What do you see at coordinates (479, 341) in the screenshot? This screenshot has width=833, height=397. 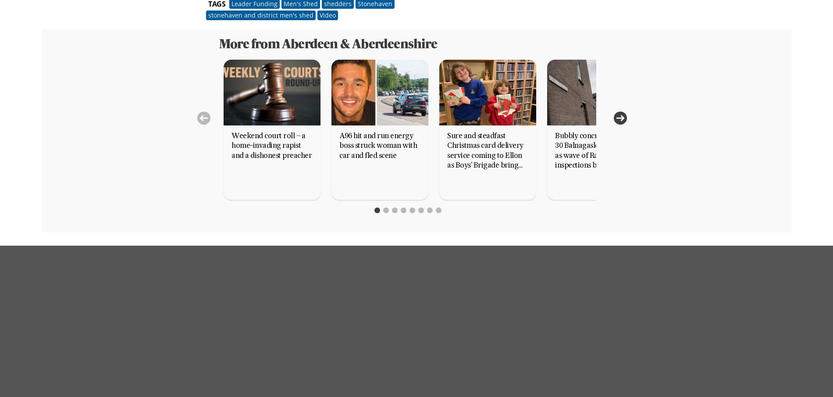 I see `'Evening Express and Press and Journal combined site'` at bounding box center [479, 341].